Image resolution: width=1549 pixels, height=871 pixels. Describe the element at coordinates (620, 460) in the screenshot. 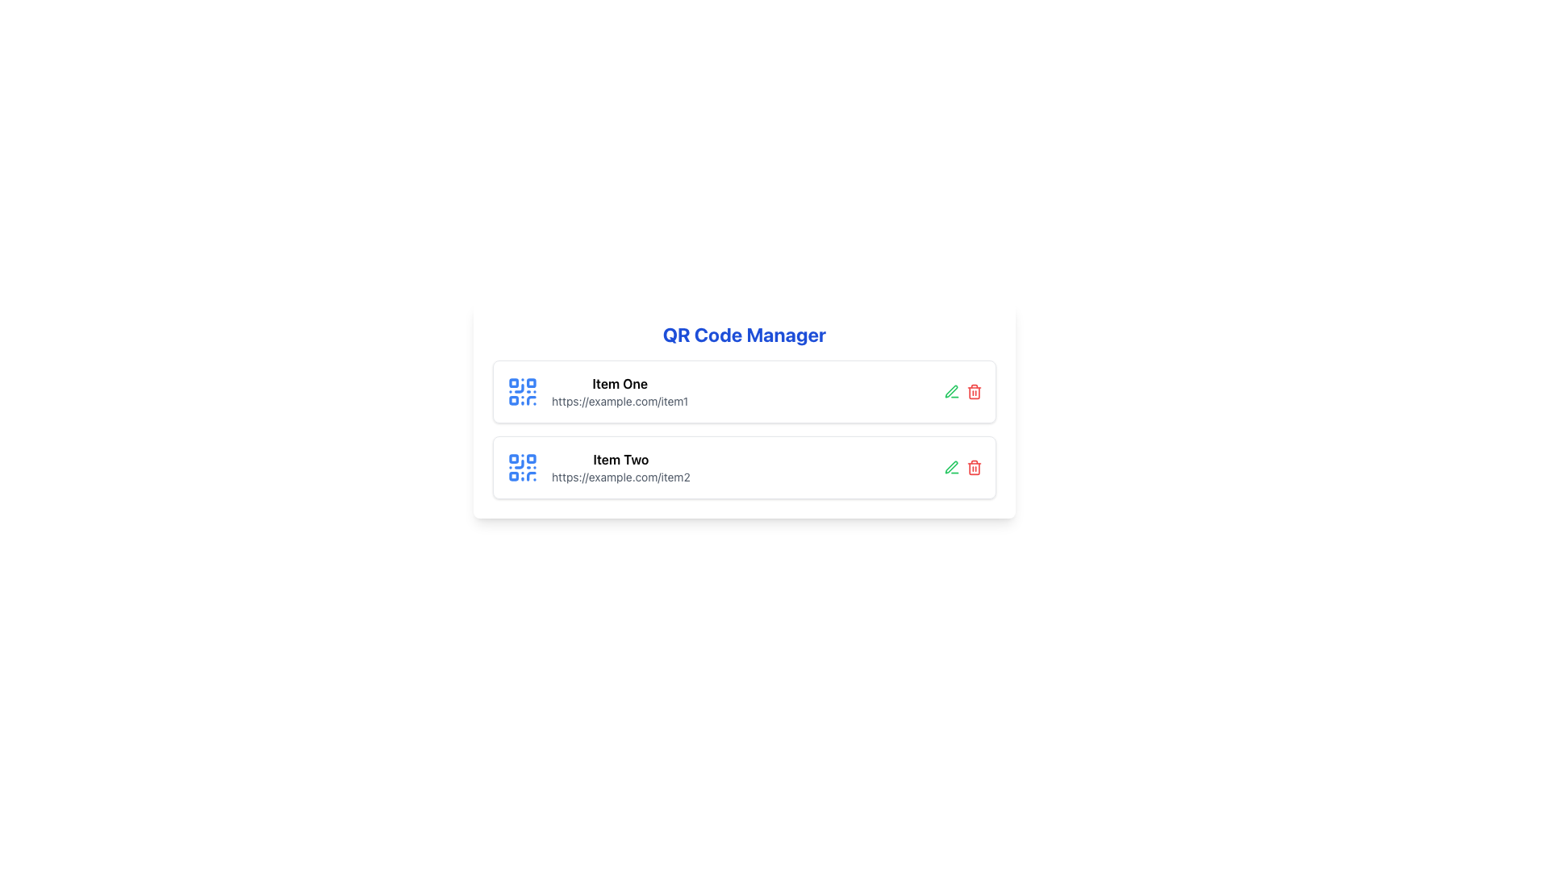

I see `the text label that identifies the second entry in a vertical list, which is positioned beneath 'Item One'` at that location.